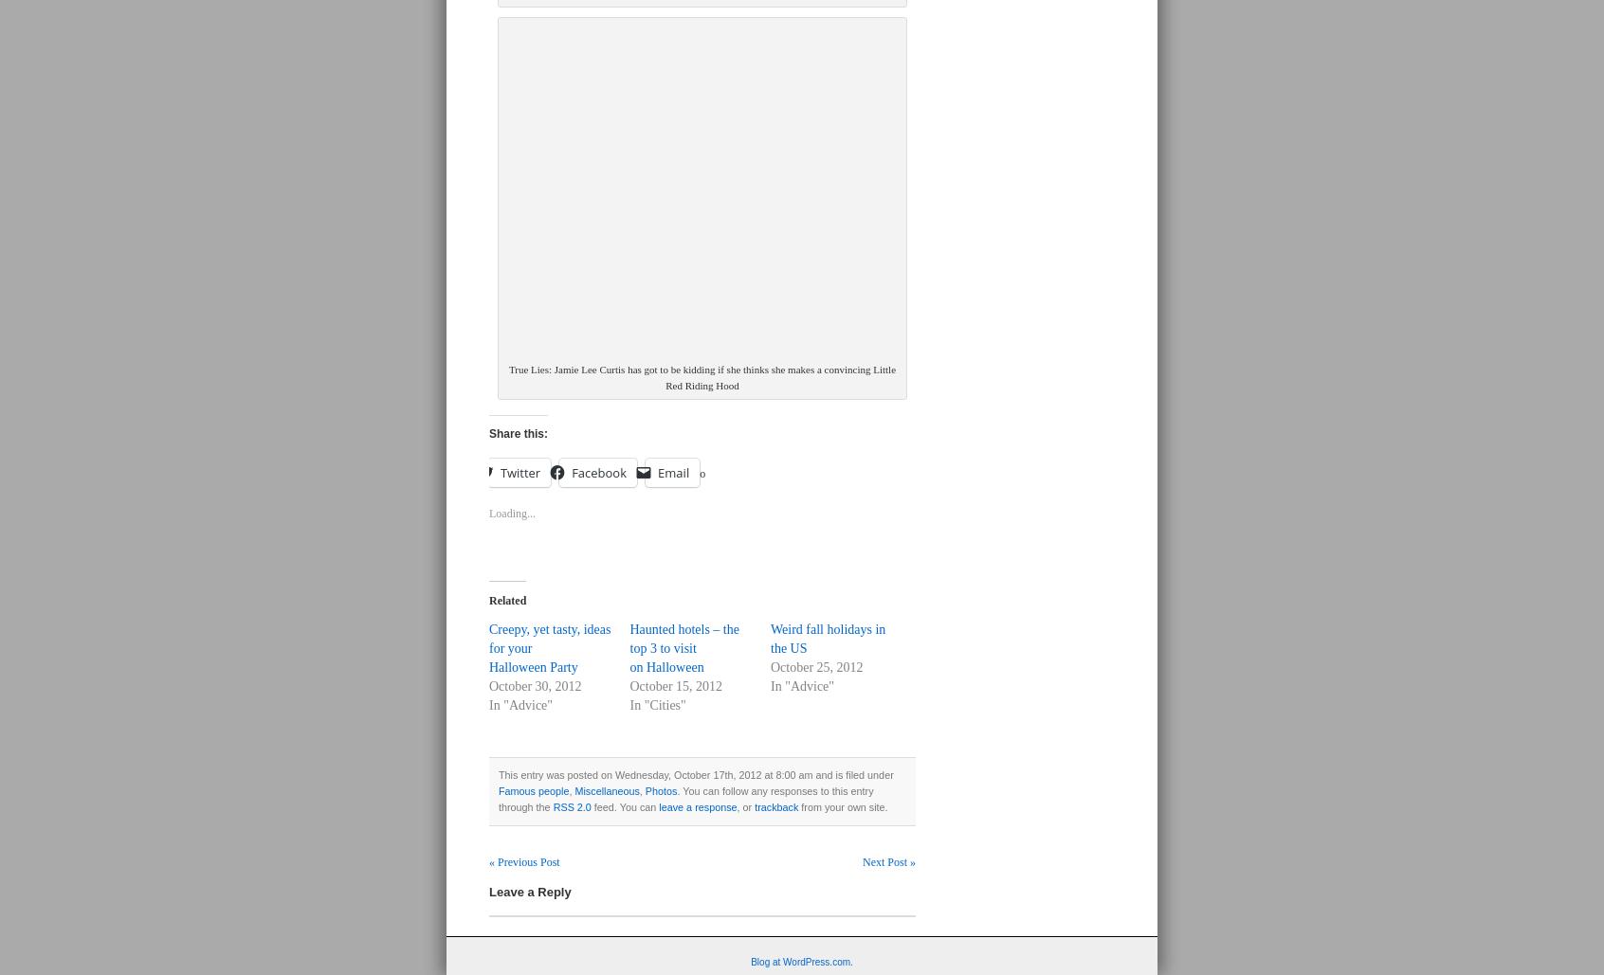 The width and height of the screenshot is (1604, 975). I want to click on 'Related', so click(507, 600).